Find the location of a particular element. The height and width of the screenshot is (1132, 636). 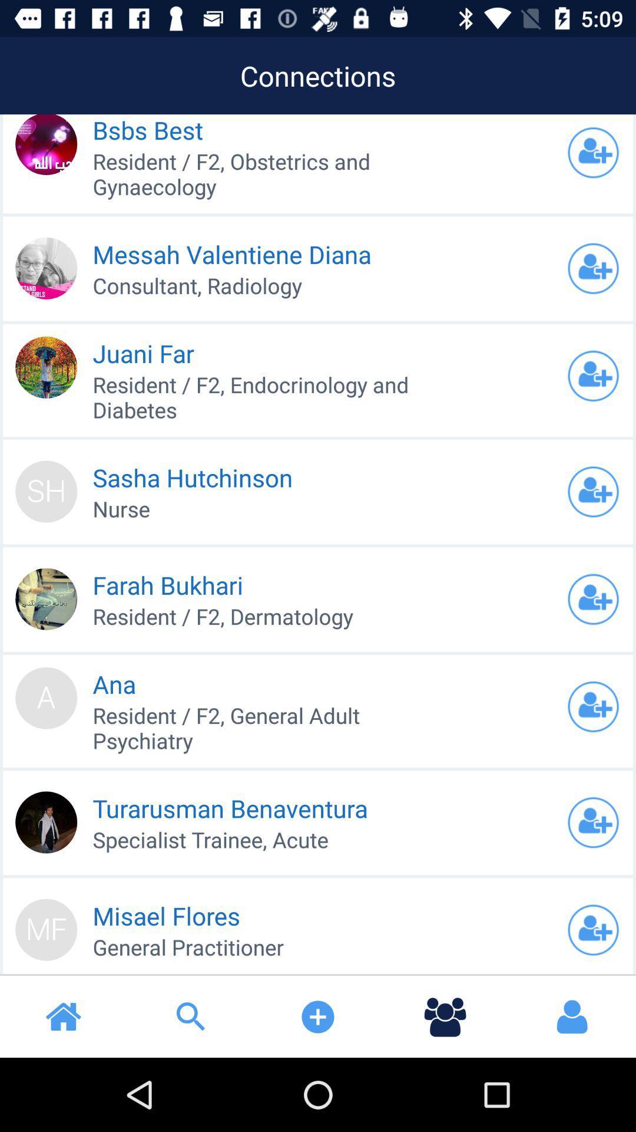

adds friend is located at coordinates (593, 492).